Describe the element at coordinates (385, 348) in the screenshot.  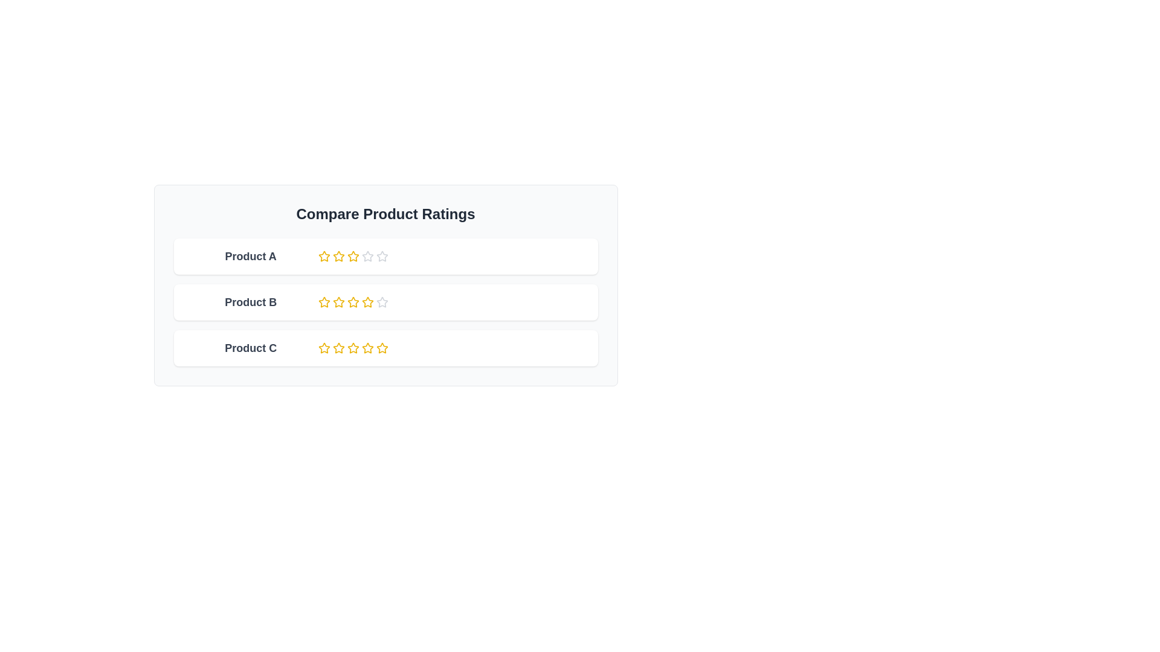
I see `the stars in the horizontal star rating component for 'Product C' to rate the product` at that location.